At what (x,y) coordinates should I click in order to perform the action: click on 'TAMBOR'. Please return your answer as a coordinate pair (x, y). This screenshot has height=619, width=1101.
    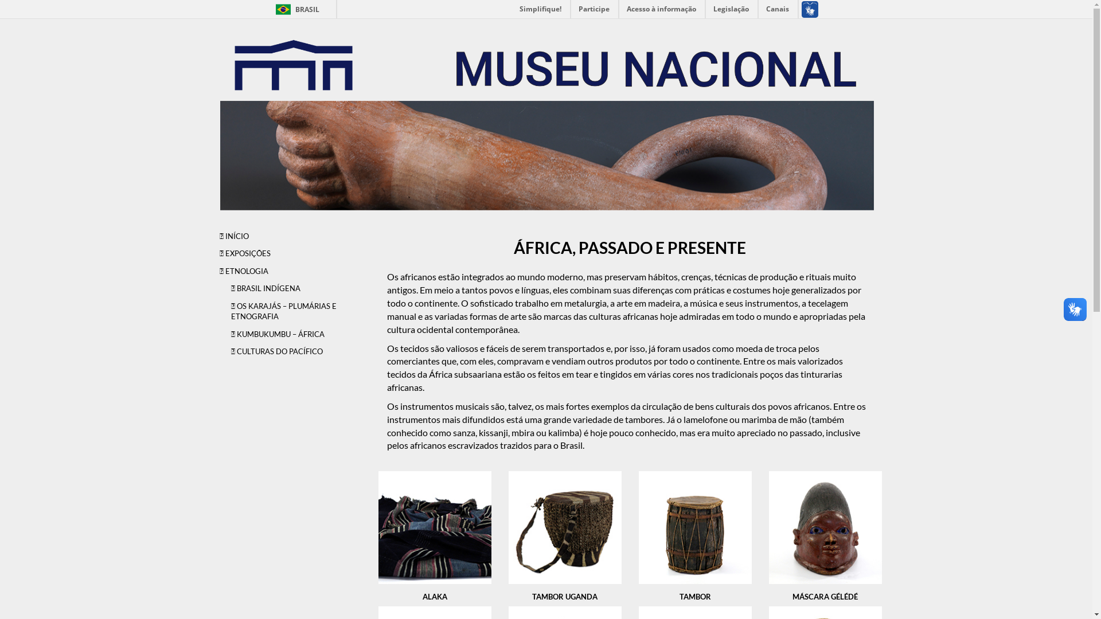
    Looking at the image, I should click on (694, 535).